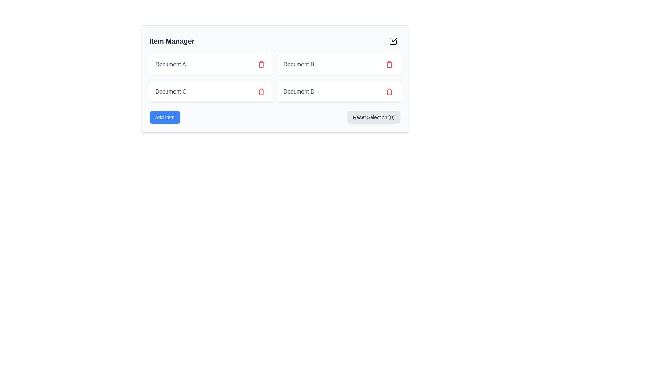  I want to click on the trash can icon located at the right side of the 'Document A' row, so click(261, 65).